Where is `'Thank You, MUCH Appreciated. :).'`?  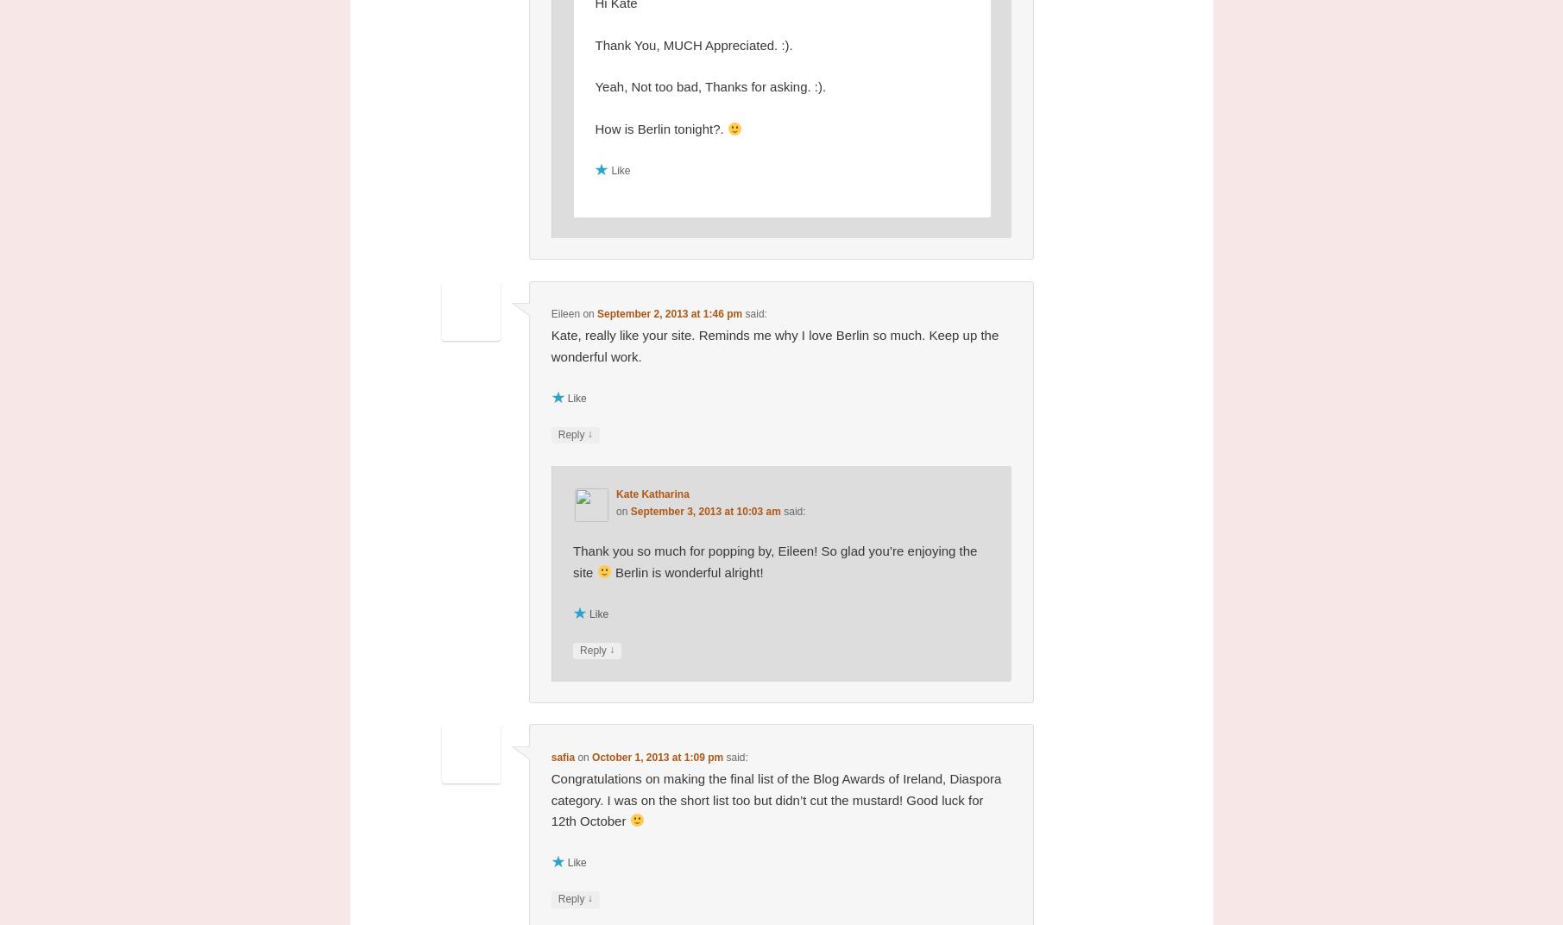
'Thank You, MUCH Appreciated. :).' is located at coordinates (692, 43).